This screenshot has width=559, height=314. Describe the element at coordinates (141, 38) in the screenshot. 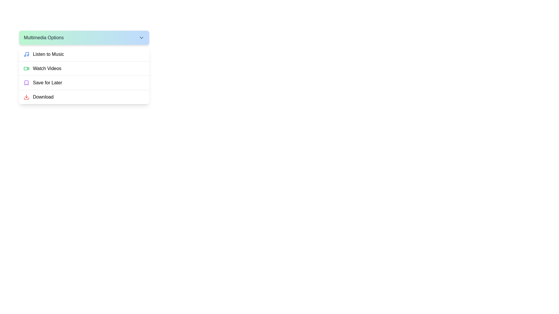

I see `the icon located in the top-right corner of the 'Multimedia Options' button` at that location.